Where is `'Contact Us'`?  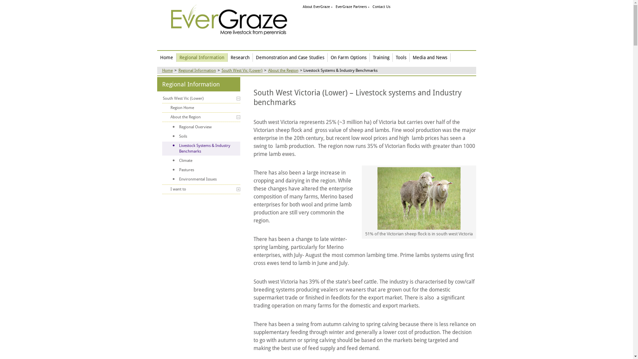 'Contact Us' is located at coordinates (381, 7).